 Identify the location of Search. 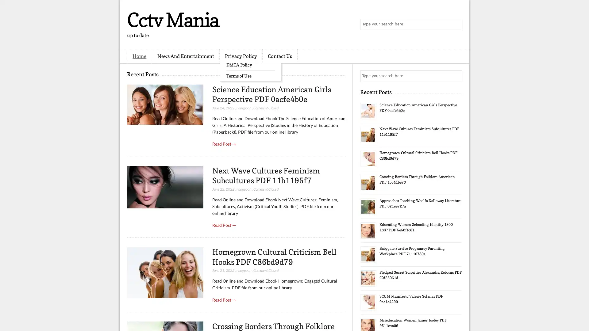
(456, 76).